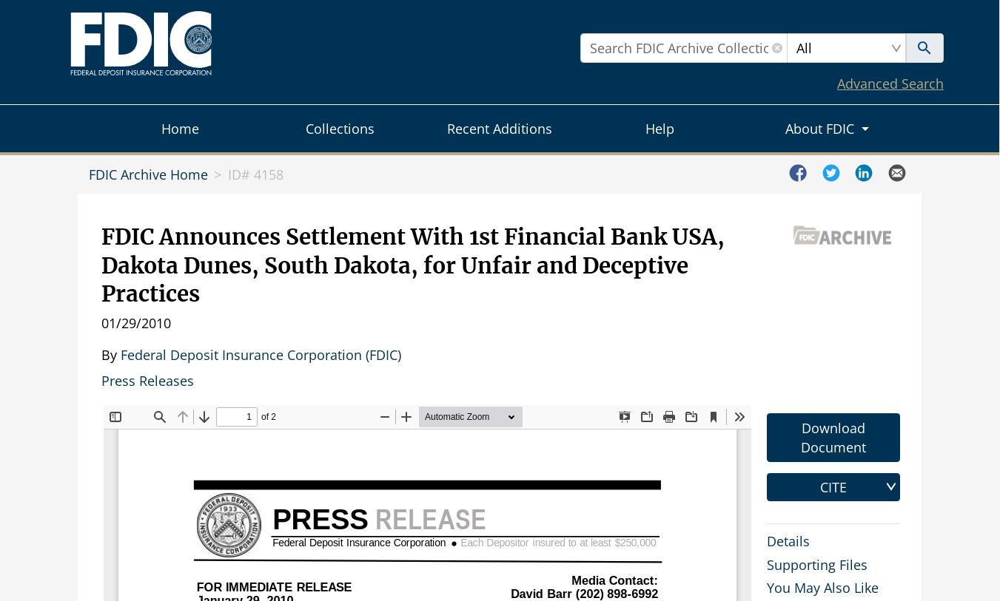  What do you see at coordinates (788, 540) in the screenshot?
I see `'Details'` at bounding box center [788, 540].